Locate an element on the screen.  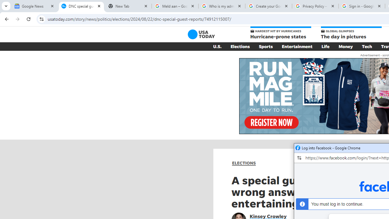
'Entertainment' is located at coordinates (297, 46).